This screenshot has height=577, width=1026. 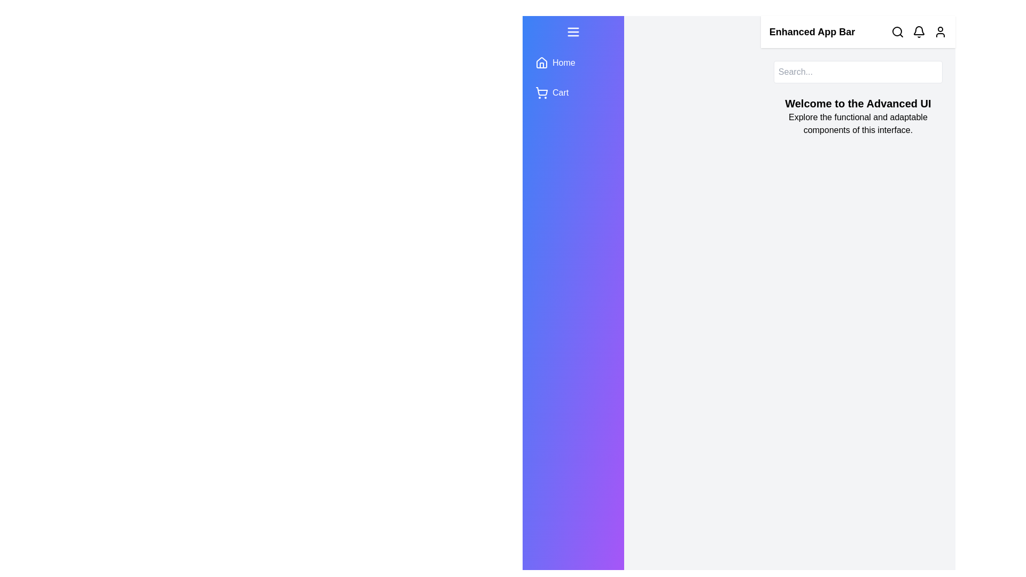 I want to click on the search input field and type the query 'example', so click(x=857, y=72).